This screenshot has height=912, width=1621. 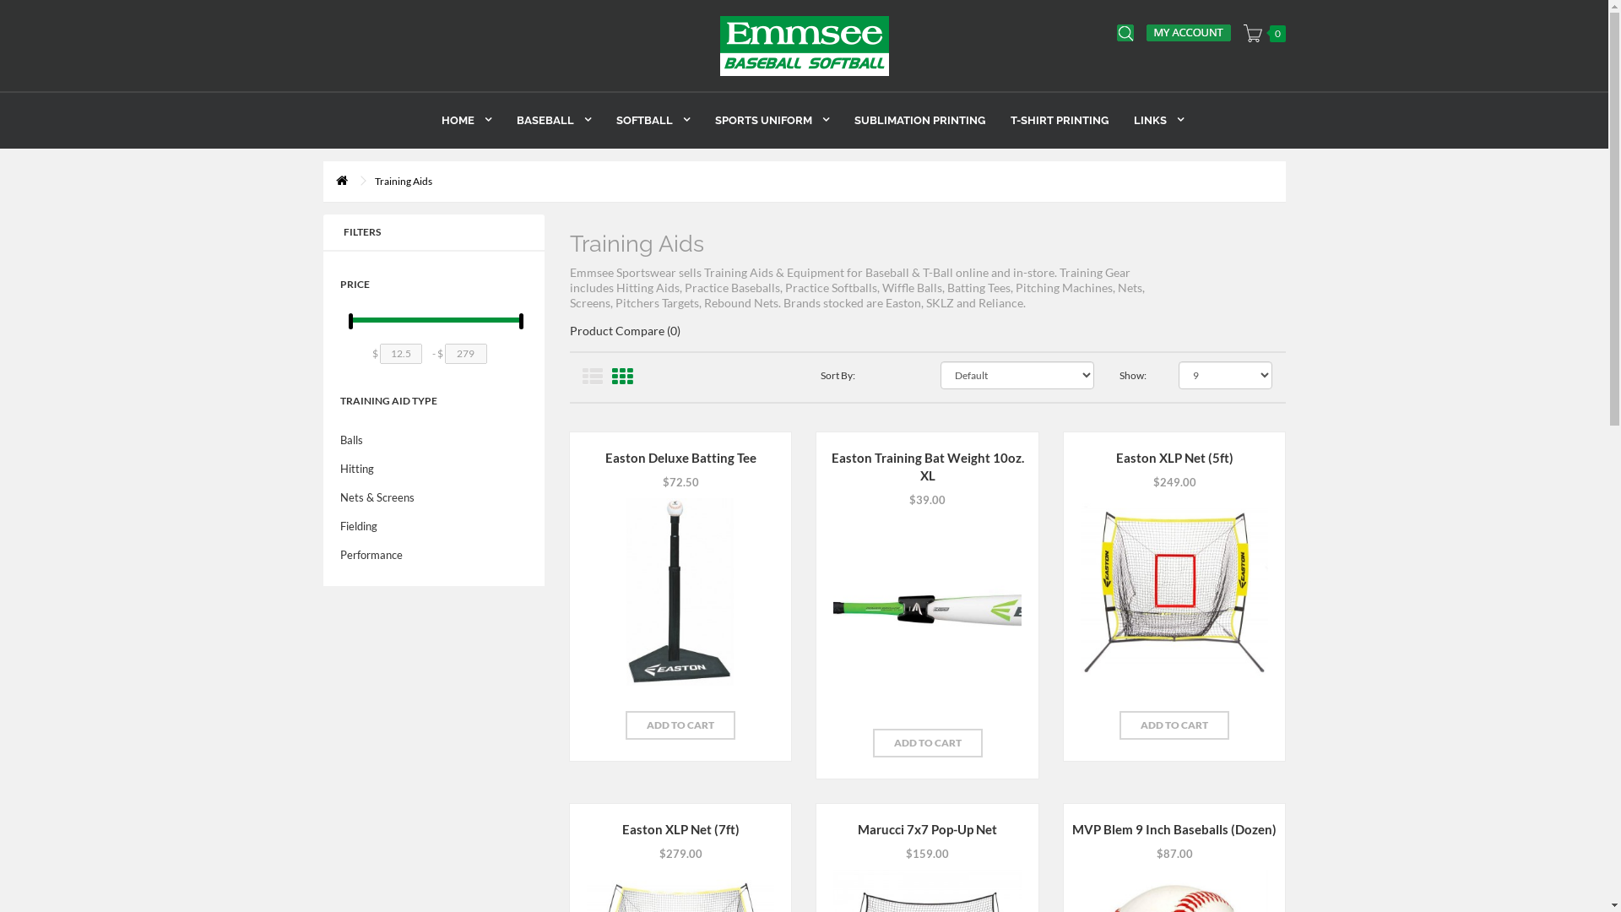 I want to click on 'Marucci 7x7 Pop-Up Net', so click(x=926, y=828).